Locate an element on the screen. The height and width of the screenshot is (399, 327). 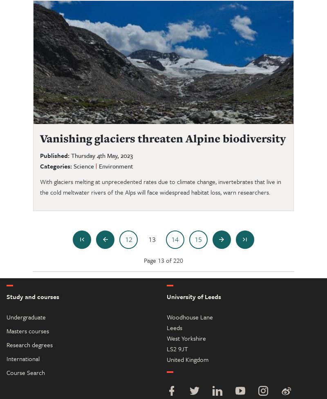
'Science' is located at coordinates (83, 165).